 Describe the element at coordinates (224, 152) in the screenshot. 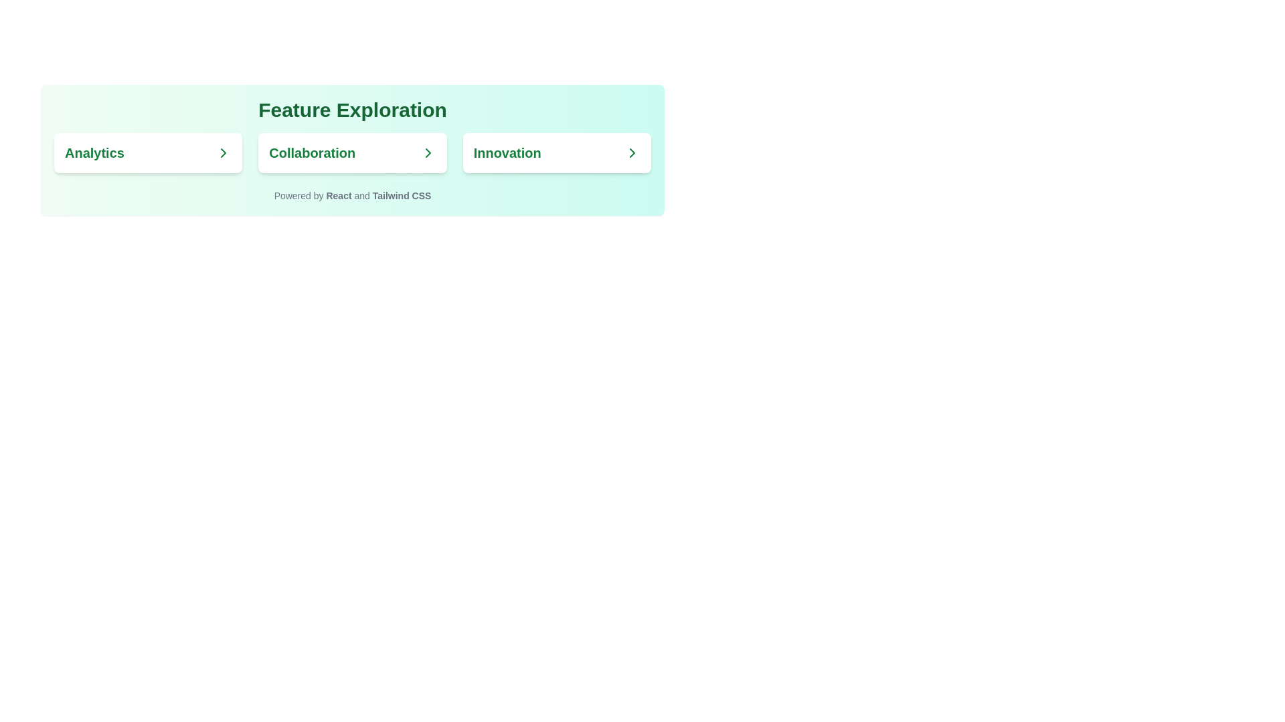

I see `the right-pointing arrow icon inside the 'Analytics' button` at that location.